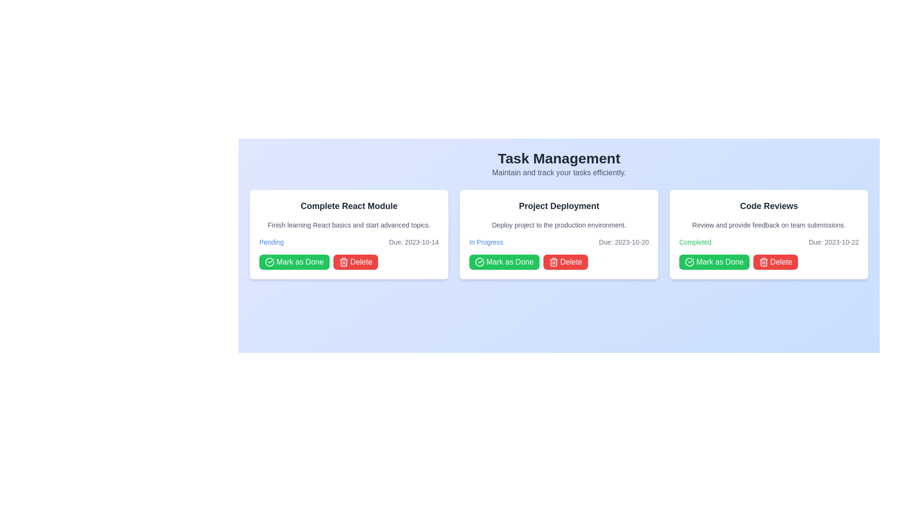 The image size is (912, 513). I want to click on the text label 'Mark as Done' which is styled in white font on a green button, located in the middle card titled 'Project Deployment', so click(509, 262).